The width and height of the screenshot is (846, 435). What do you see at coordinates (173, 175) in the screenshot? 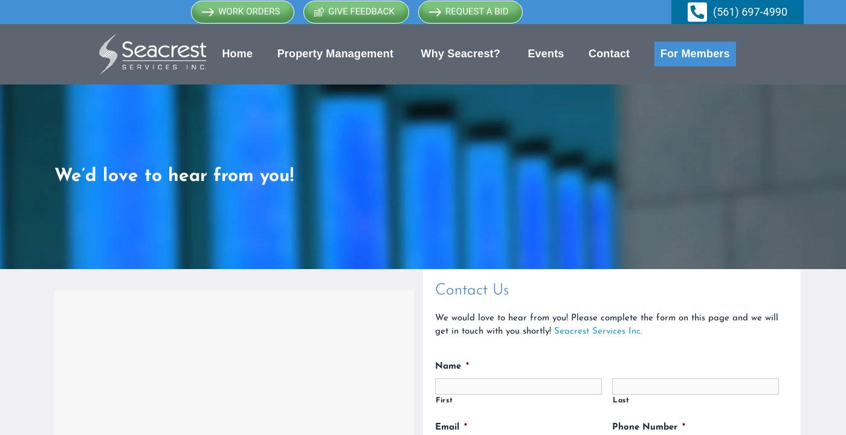
I see `'We’d love to hear from you!'` at bounding box center [173, 175].